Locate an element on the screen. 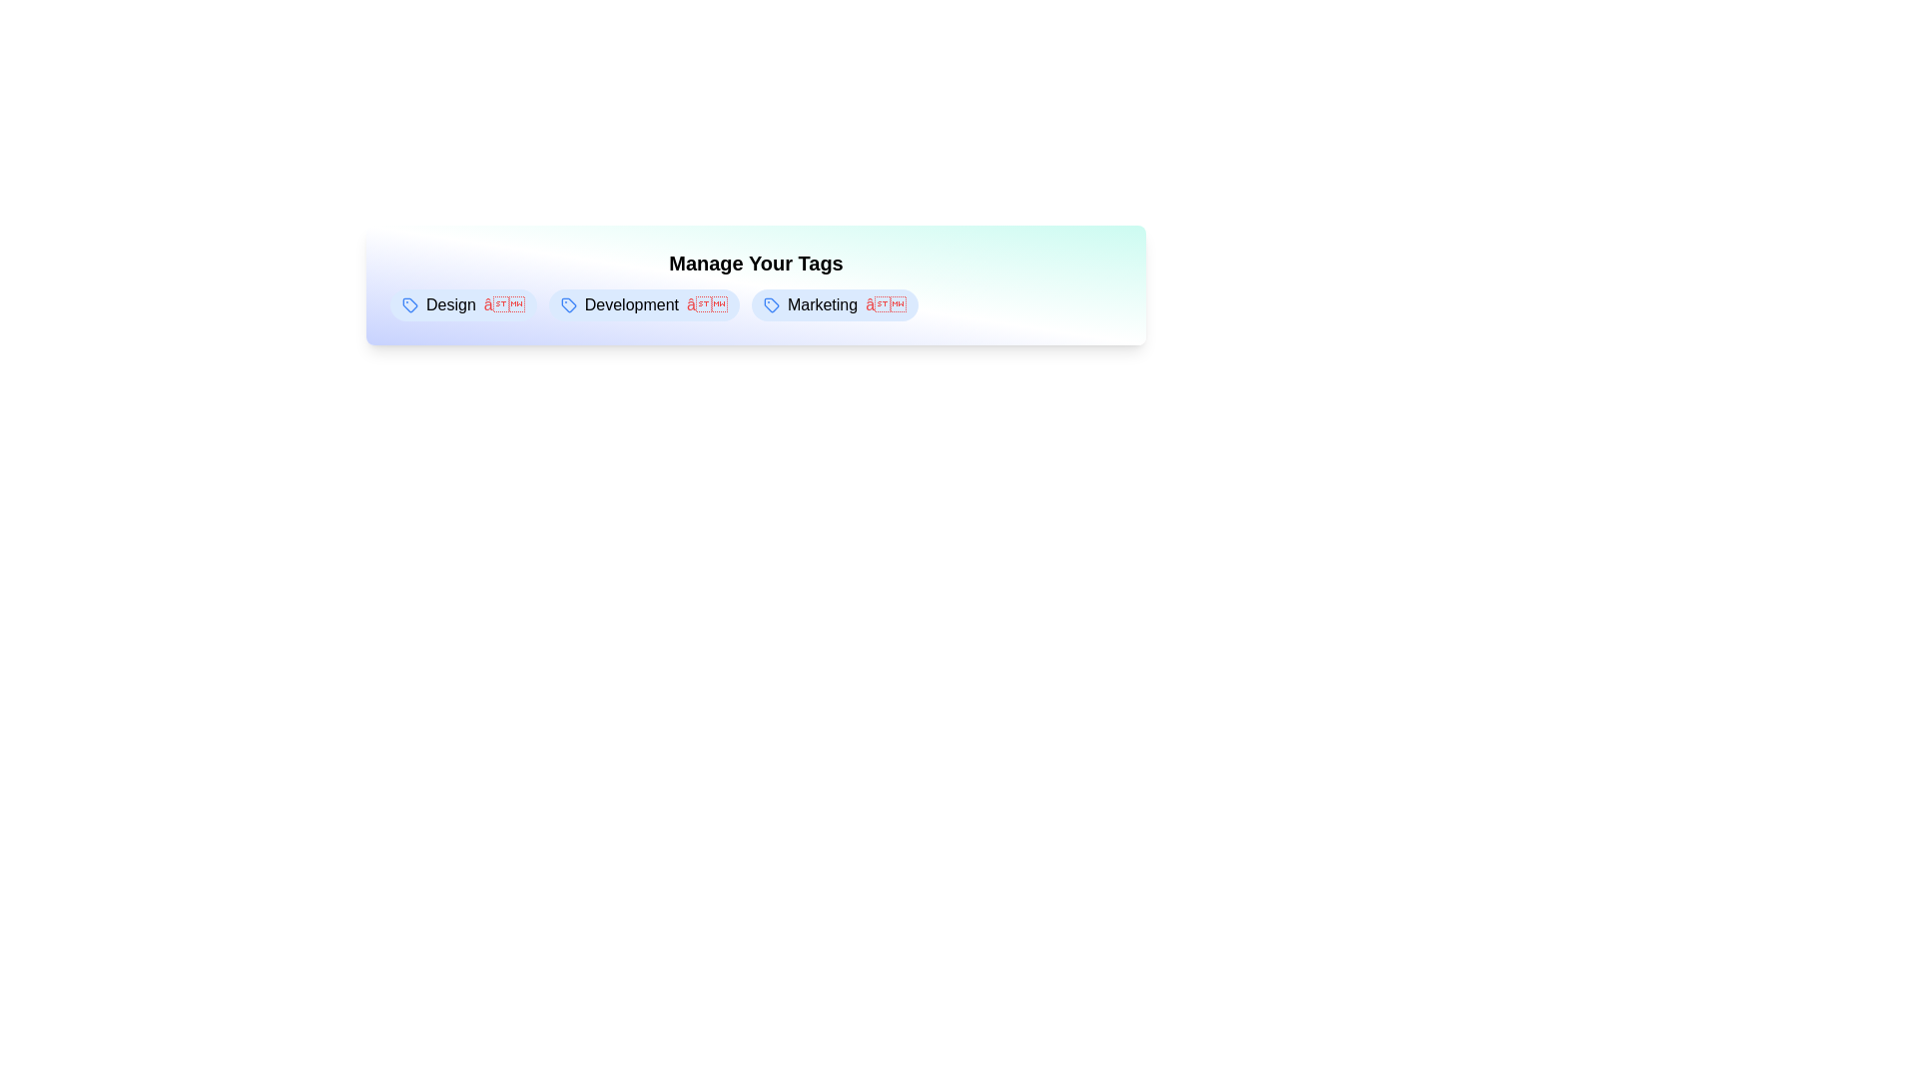  the tag element labeled 'Design' to observe hover effects is located at coordinates (462, 304).